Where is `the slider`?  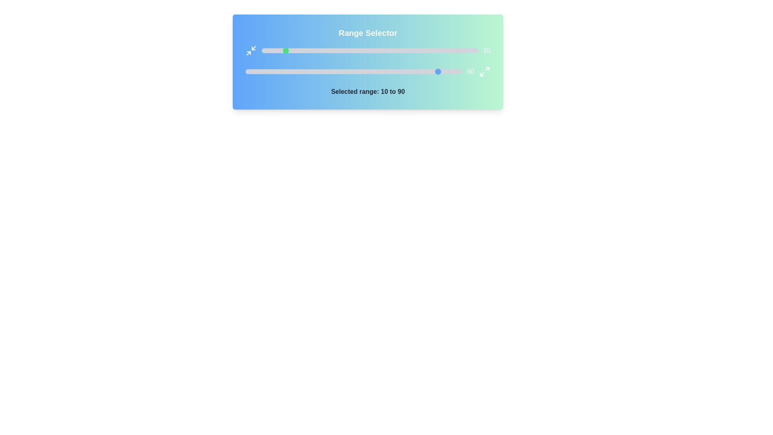 the slider is located at coordinates (344, 51).